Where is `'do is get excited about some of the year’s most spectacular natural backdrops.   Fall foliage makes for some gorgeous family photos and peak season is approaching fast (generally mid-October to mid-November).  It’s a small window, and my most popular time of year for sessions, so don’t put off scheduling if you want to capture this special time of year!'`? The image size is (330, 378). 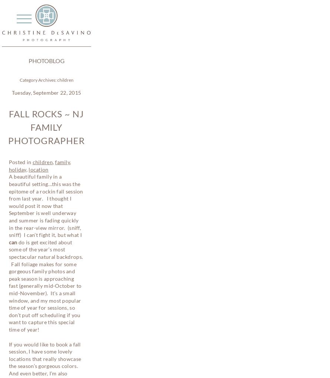 'do is get excited about some of the year’s most spectacular natural backdrops.   Fall foliage makes for some gorgeous family photos and peak season is approaching fast (generally mid-October to mid-November).  It’s a small window, and my most popular time of year for sessions, so don’t put off scheduling if you want to capture this special time of year!' is located at coordinates (45, 285).